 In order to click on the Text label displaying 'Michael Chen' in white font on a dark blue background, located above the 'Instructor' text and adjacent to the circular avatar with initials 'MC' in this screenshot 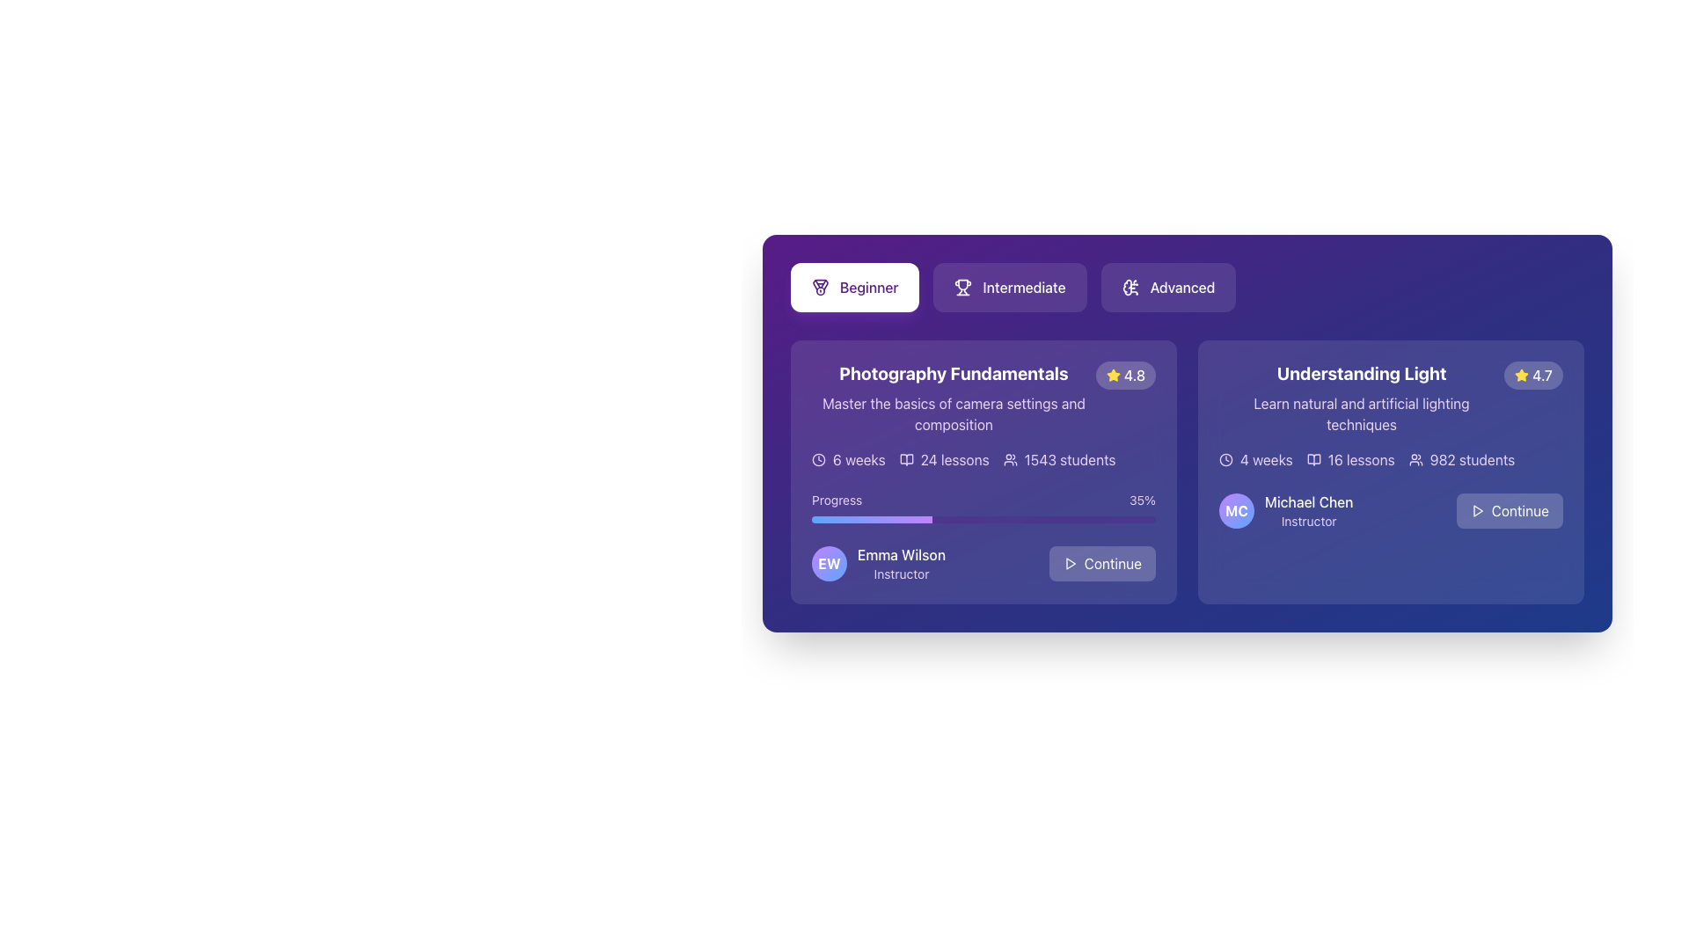, I will do `click(1309, 501)`.